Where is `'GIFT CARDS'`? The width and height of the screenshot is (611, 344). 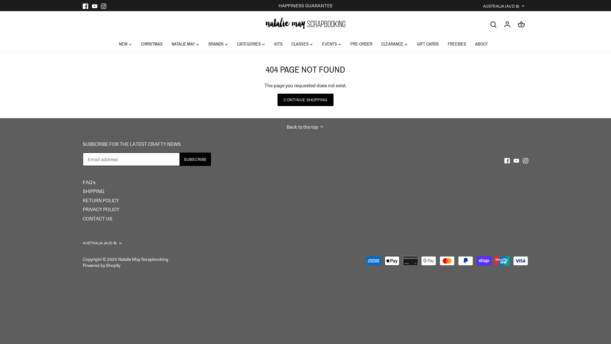
'GIFT CARDS' is located at coordinates (428, 44).